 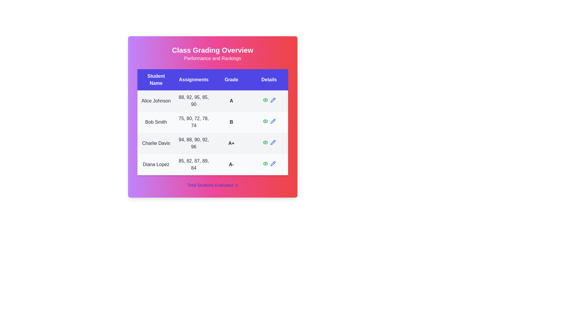 I want to click on the row corresponding to Diana Lopez, so click(x=212, y=165).